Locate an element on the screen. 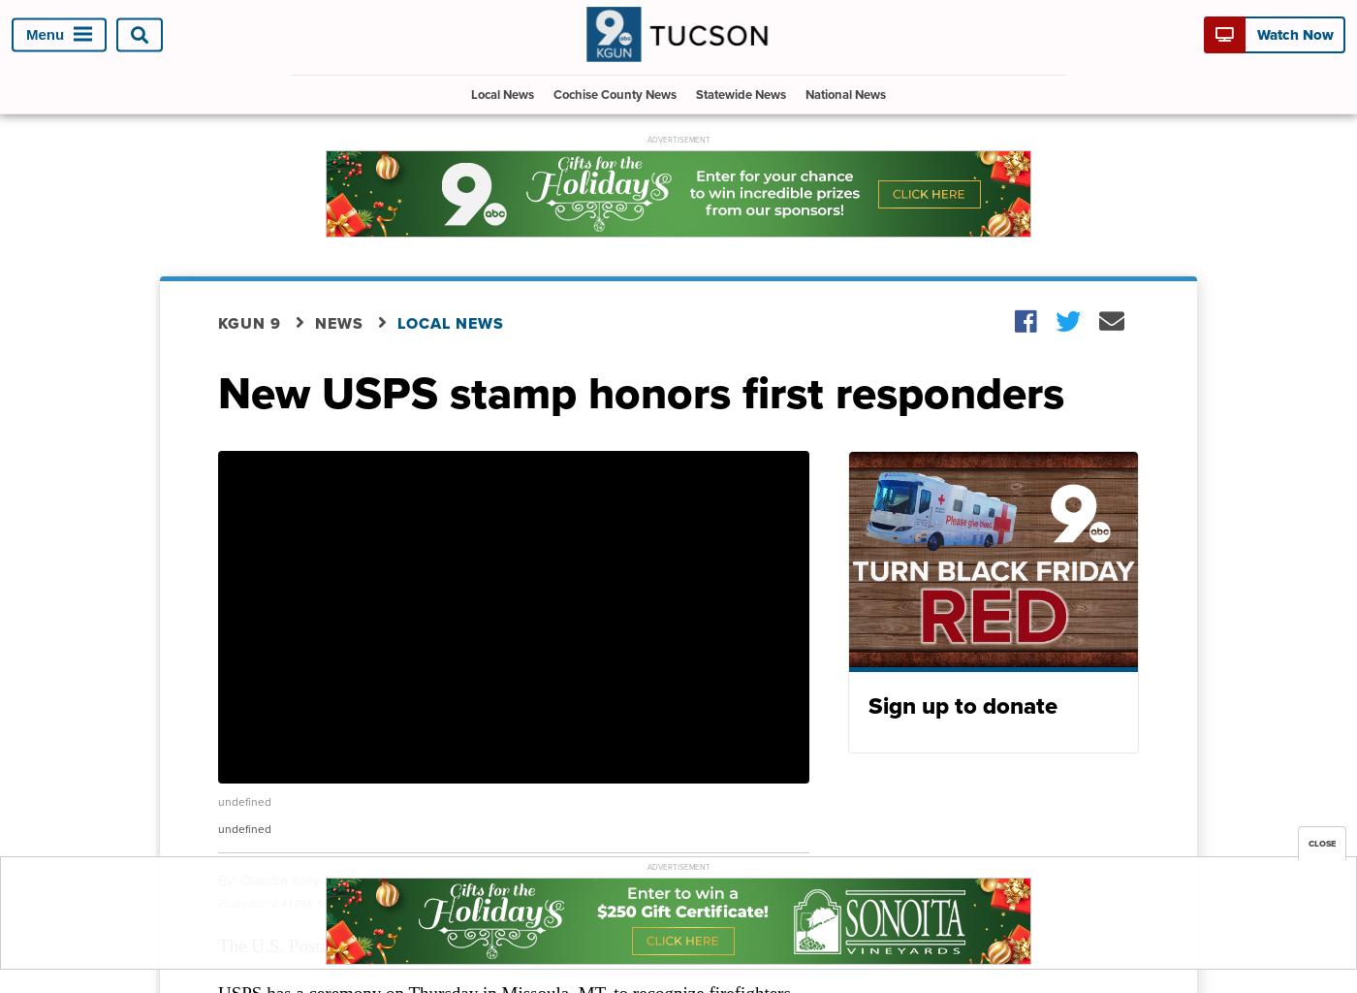  '9:44 PM, Sep 13, 2018' is located at coordinates (534, 902).